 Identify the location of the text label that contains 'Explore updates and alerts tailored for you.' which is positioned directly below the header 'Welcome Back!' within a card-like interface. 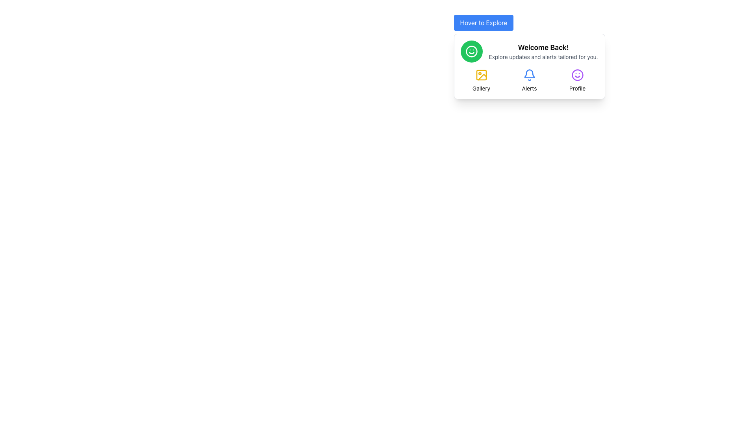
(543, 57).